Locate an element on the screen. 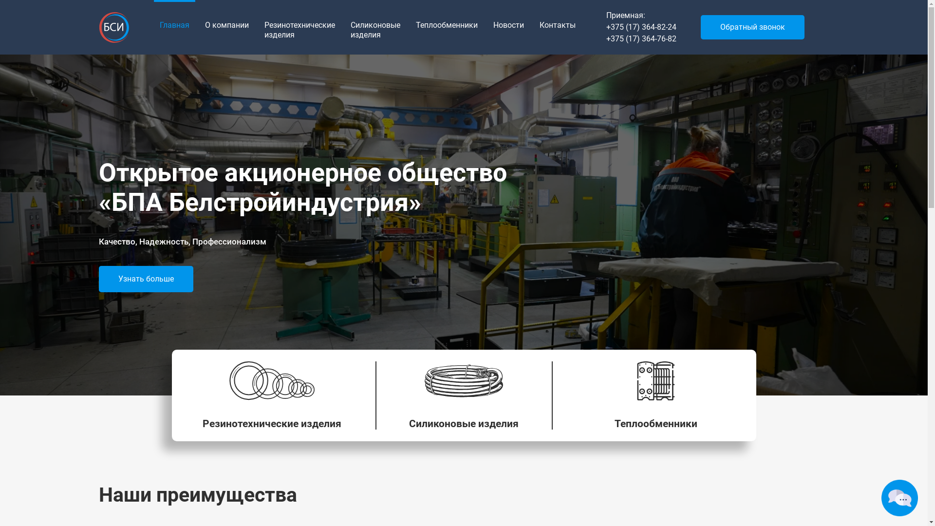 The image size is (935, 526). '+375 (17) 364-82-24' is located at coordinates (640, 27).